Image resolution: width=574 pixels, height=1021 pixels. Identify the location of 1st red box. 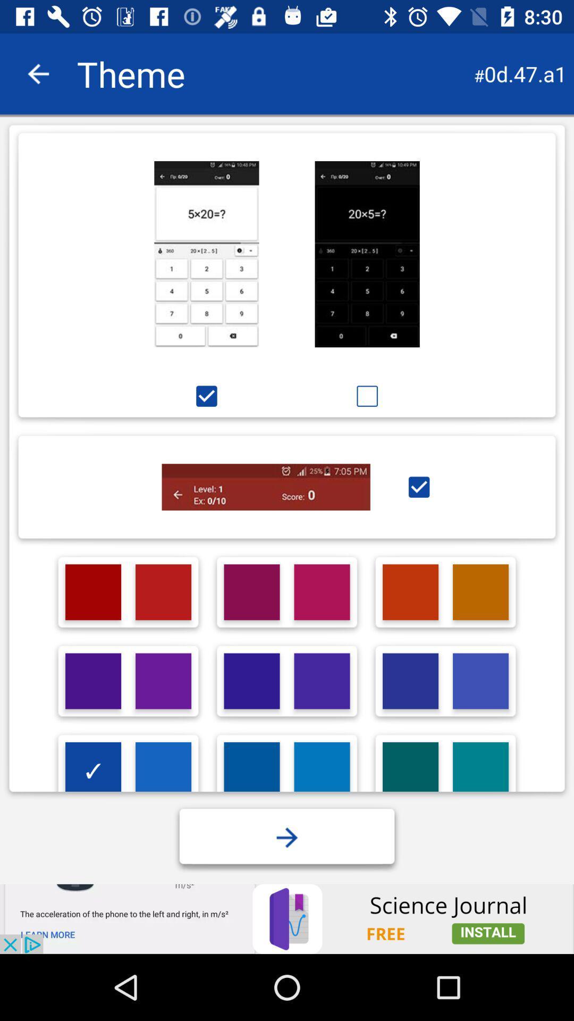
(92, 591).